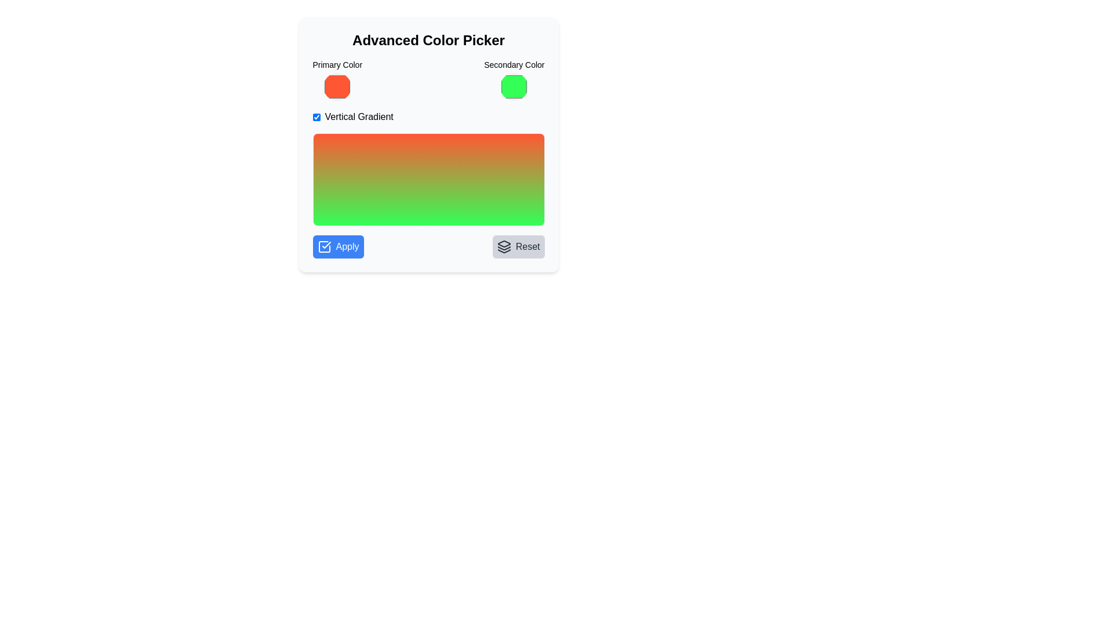 The image size is (1113, 626). What do you see at coordinates (504, 246) in the screenshot?
I see `the 'Reset' button icon located to the left of the 'Reset' label in the bottom-right corner of the interface` at bounding box center [504, 246].